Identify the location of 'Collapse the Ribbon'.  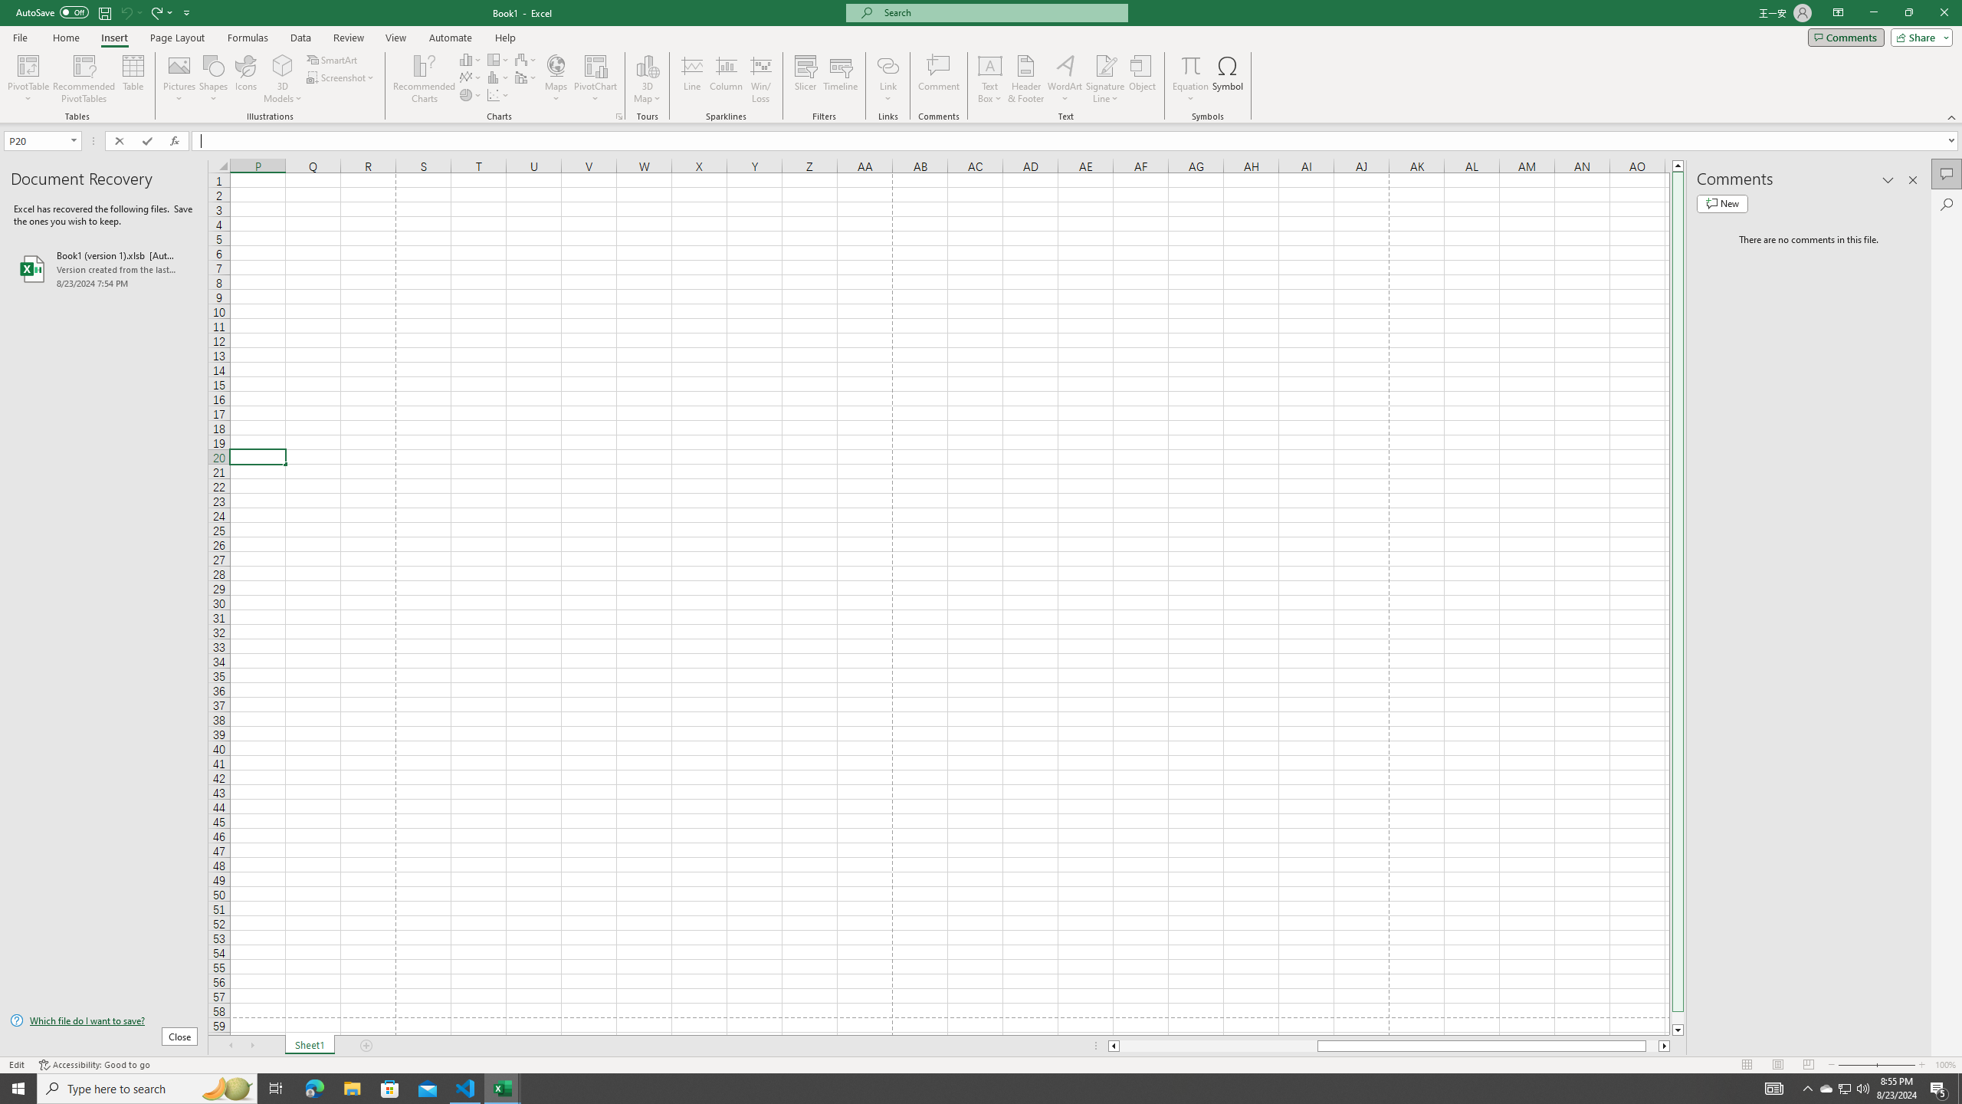
(1952, 117).